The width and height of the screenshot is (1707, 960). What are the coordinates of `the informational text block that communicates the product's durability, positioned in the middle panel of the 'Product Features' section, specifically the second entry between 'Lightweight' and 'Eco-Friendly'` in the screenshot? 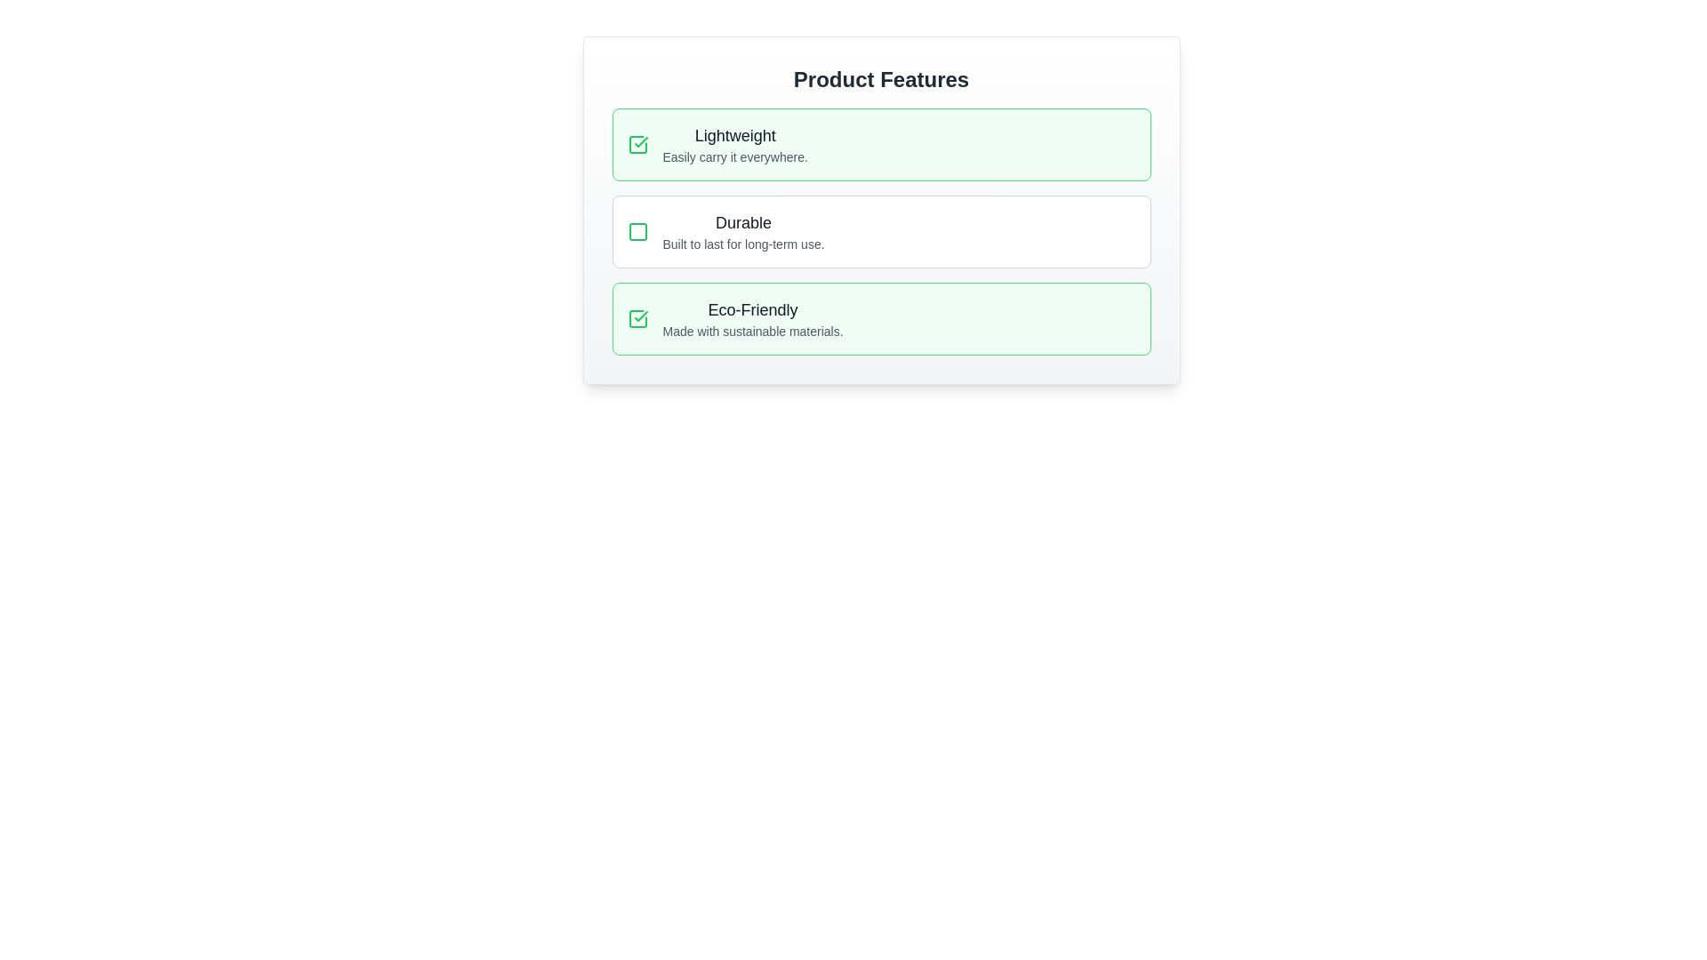 It's located at (743, 231).